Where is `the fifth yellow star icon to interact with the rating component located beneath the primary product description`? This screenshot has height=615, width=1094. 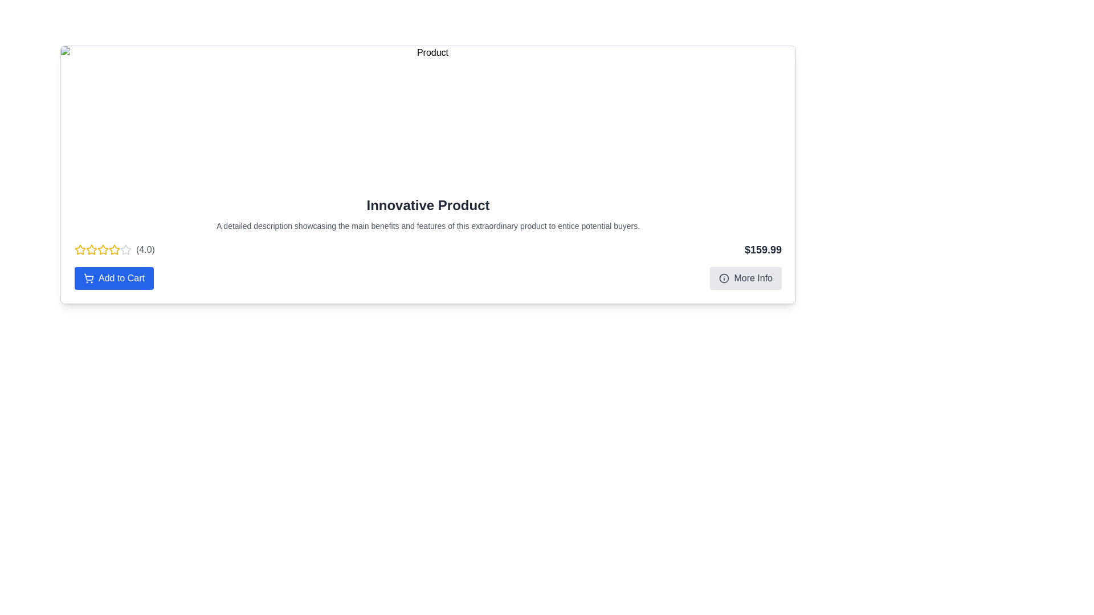 the fifth yellow star icon to interact with the rating component located beneath the primary product description is located at coordinates (103, 249).